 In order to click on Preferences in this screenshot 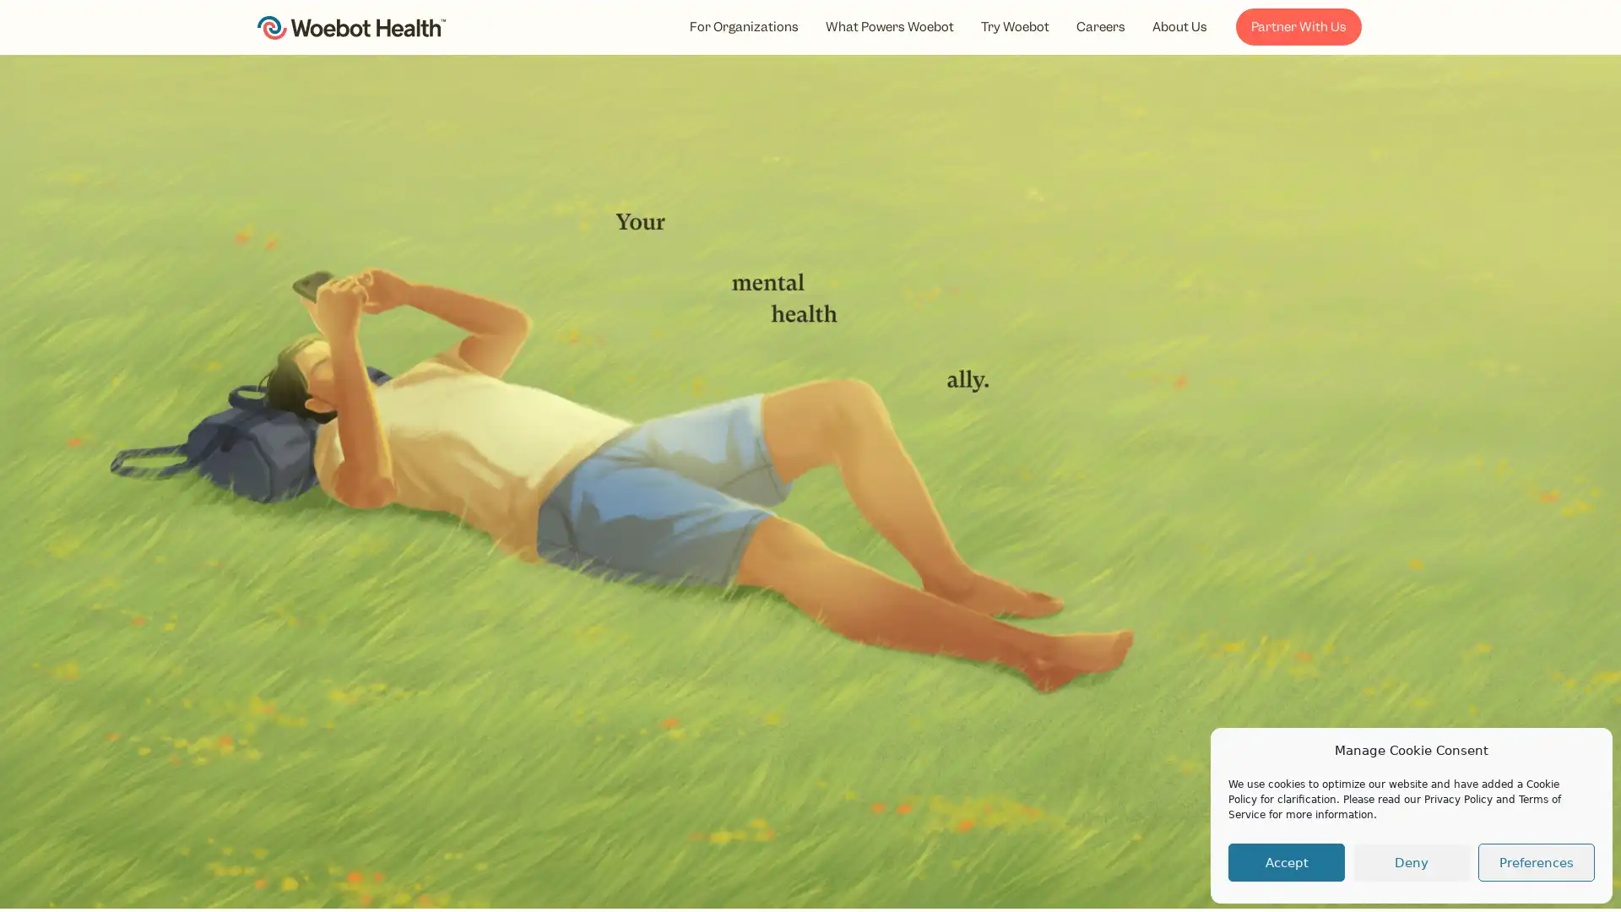, I will do `click(1536, 862)`.